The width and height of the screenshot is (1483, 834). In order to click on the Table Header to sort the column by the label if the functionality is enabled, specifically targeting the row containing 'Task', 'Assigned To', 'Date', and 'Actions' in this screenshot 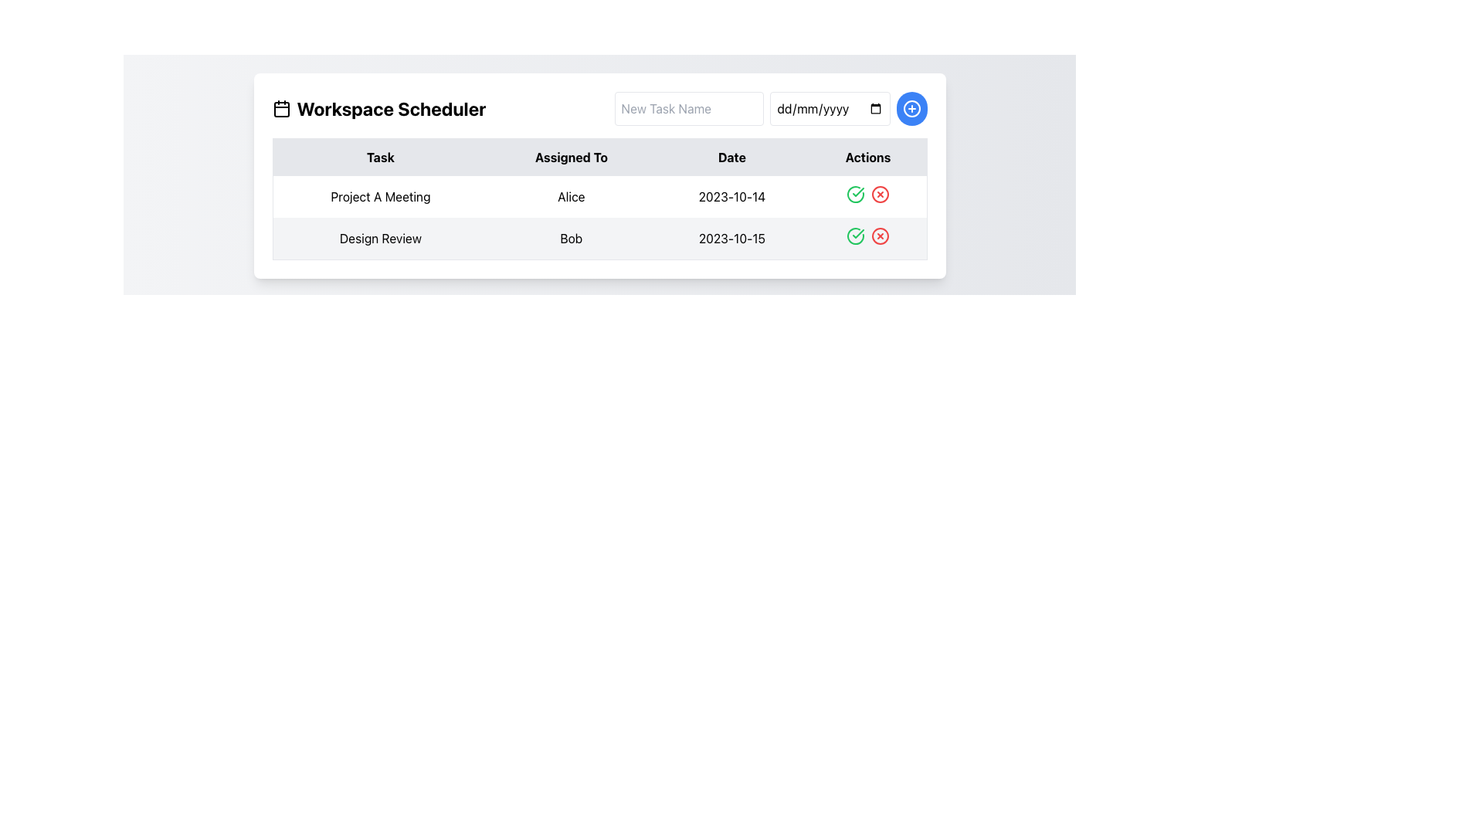, I will do `click(599, 157)`.